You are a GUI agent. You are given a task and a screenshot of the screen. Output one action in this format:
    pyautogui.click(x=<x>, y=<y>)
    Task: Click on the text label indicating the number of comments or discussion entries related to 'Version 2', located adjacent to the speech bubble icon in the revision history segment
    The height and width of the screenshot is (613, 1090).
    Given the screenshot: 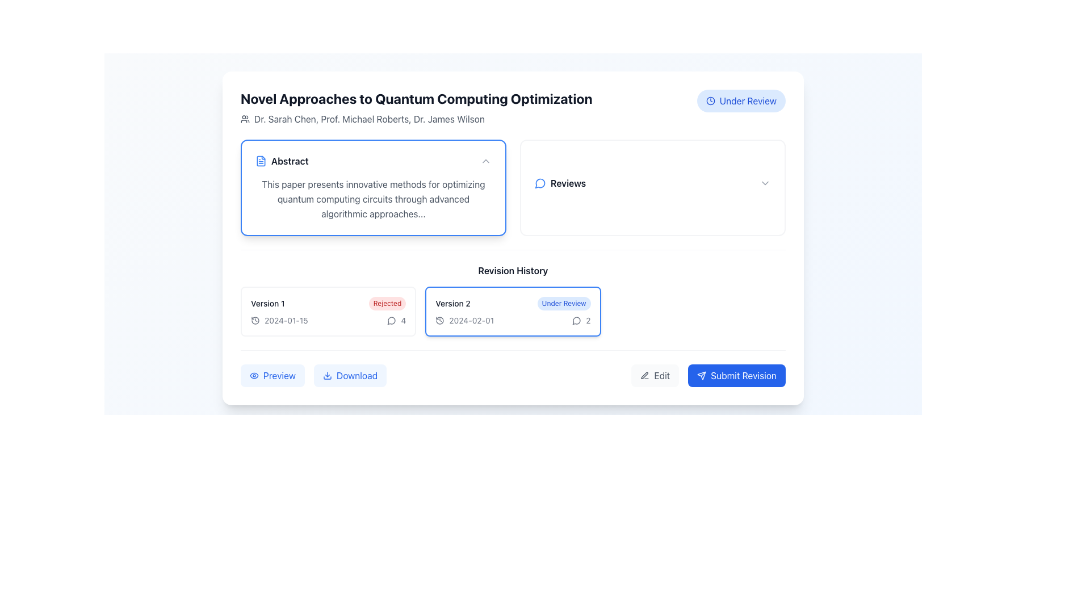 What is the action you would take?
    pyautogui.click(x=403, y=320)
    